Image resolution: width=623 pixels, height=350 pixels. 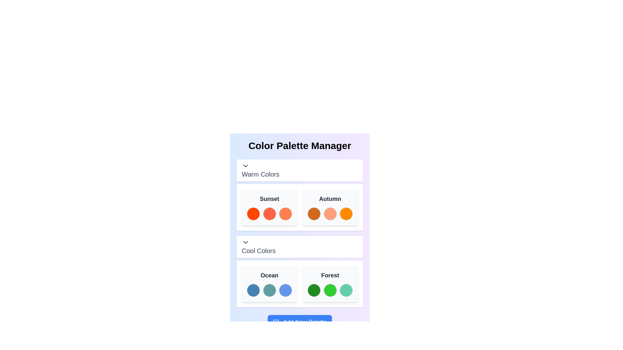 What do you see at coordinates (299, 322) in the screenshot?
I see `the blue rectangular button with rounded corners labeled 'Add New Palette' to change its color` at bounding box center [299, 322].